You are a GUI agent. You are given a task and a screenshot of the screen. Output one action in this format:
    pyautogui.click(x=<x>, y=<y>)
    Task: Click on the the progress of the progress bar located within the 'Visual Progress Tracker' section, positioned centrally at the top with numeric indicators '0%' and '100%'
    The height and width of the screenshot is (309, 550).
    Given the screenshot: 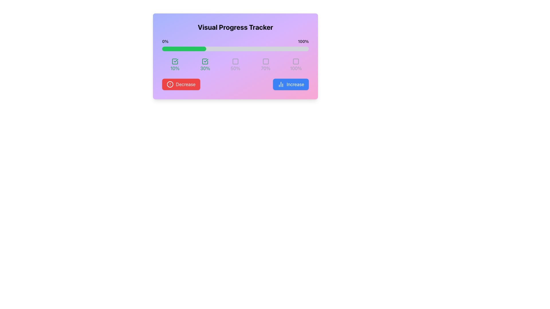 What is the action you would take?
    pyautogui.click(x=235, y=45)
    